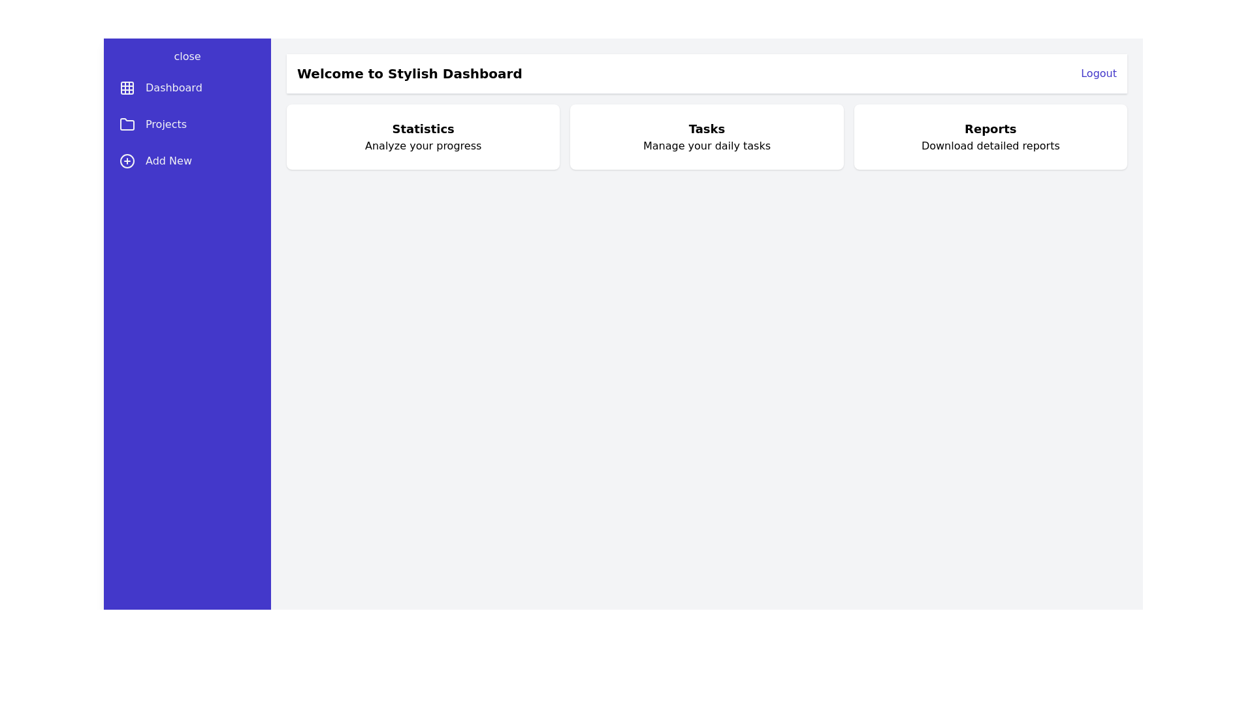 Image resolution: width=1254 pixels, height=705 pixels. Describe the element at coordinates (127, 88) in the screenshot. I see `the graphical icon component located at the top-left corner of the grid adjacent to the 'Dashboard' menu item in the sidebar` at that location.